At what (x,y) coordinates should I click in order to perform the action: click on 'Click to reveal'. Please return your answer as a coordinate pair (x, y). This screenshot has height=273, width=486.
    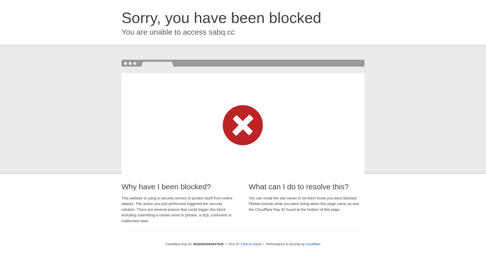
    Looking at the image, I should click on (251, 244).